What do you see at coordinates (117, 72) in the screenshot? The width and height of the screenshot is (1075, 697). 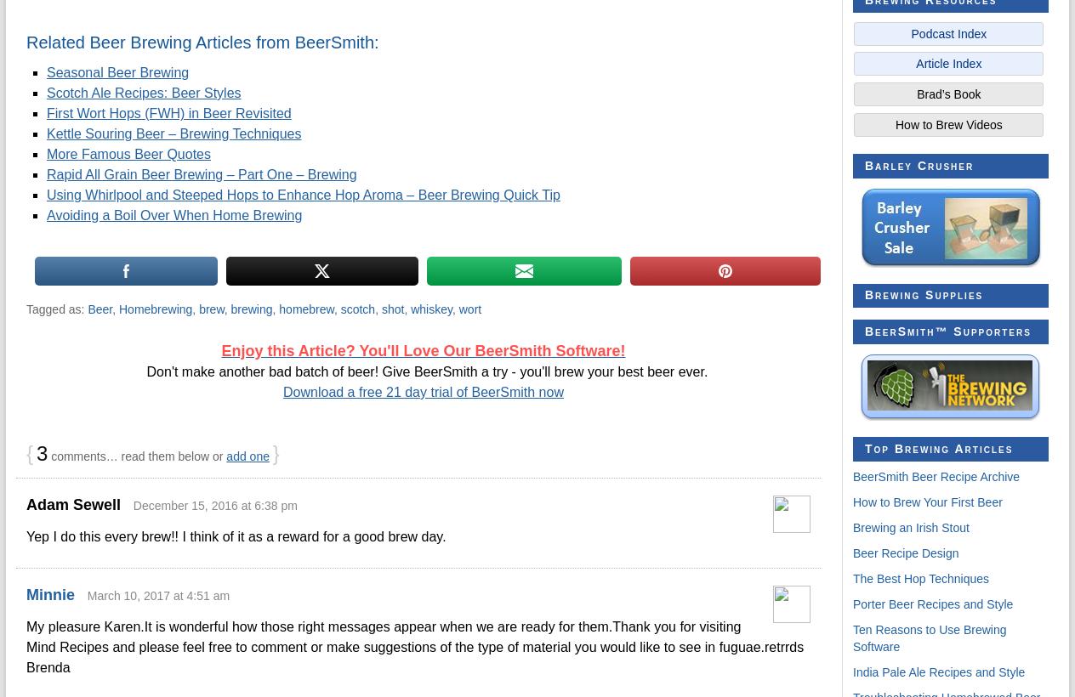 I see `'Seasonal Beer Brewing'` at bounding box center [117, 72].